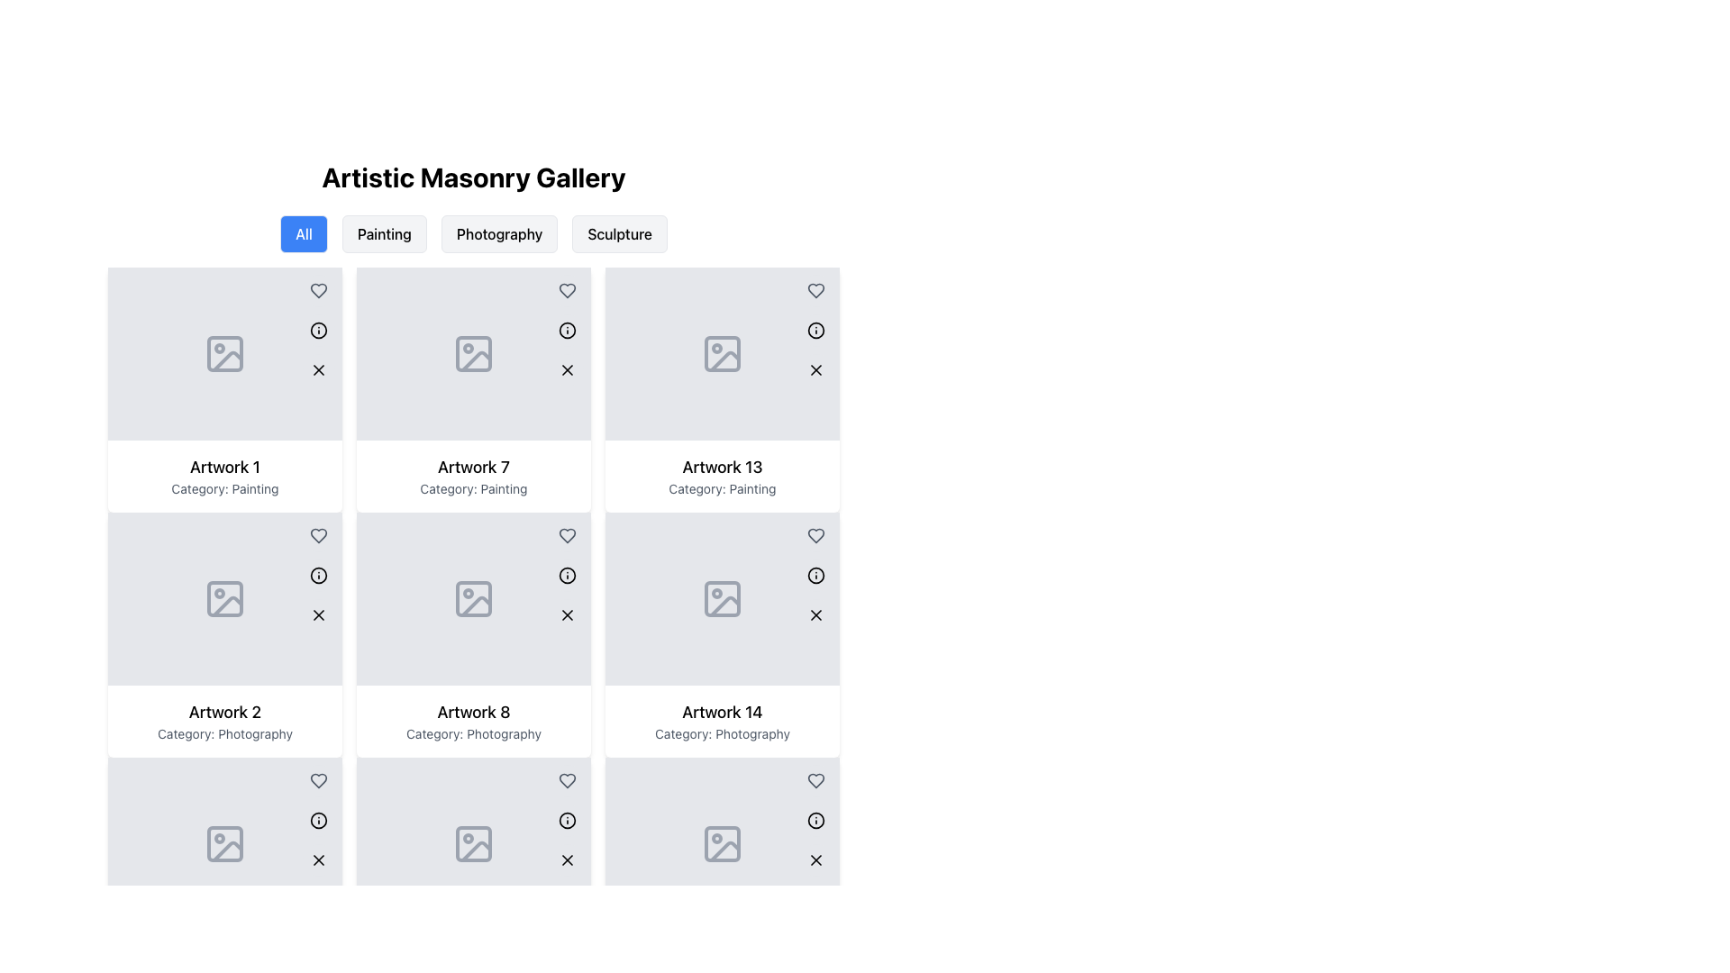  Describe the element at coordinates (474, 598) in the screenshot. I see `the SVG icon styled with a gray color that represents an image symbol, located in the middle cell of the gallery grid under the 'Artwork 8' entry` at that location.